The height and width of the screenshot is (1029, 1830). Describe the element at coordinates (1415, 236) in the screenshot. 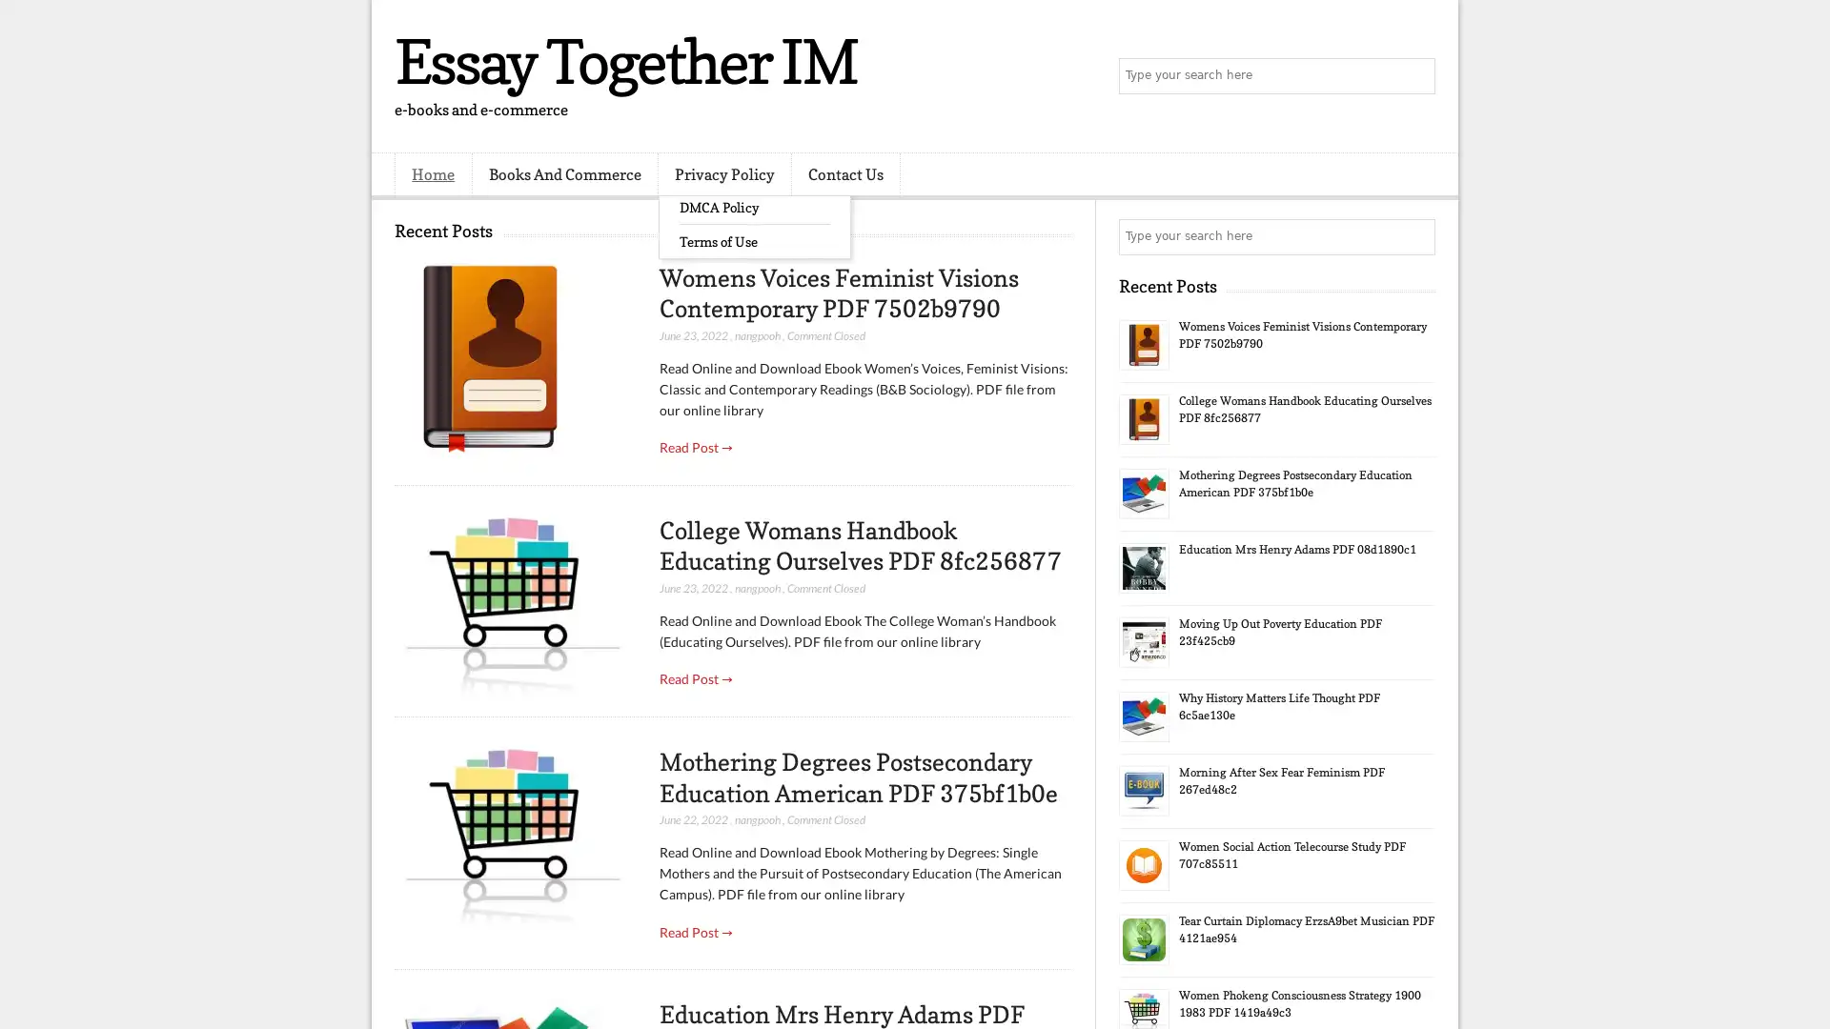

I see `Search` at that location.